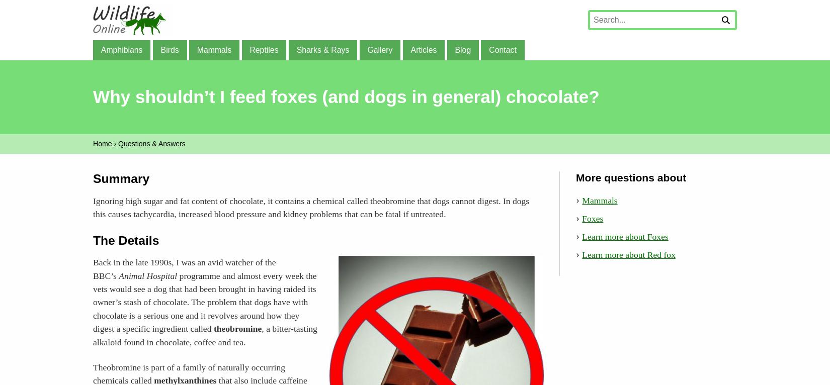  What do you see at coordinates (263, 49) in the screenshot?
I see `'Reptiles'` at bounding box center [263, 49].